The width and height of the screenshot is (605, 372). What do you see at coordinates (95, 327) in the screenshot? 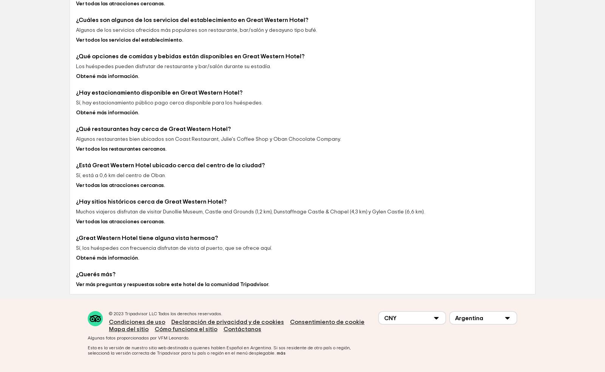
I see `'¿Querés más?'` at bounding box center [95, 327].